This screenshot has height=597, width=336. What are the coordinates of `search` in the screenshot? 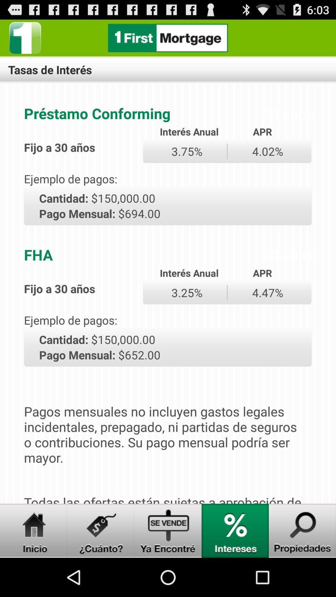 It's located at (302, 530).